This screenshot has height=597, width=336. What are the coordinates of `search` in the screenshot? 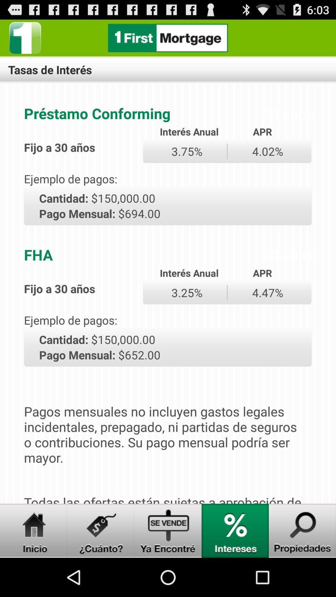 It's located at (302, 530).